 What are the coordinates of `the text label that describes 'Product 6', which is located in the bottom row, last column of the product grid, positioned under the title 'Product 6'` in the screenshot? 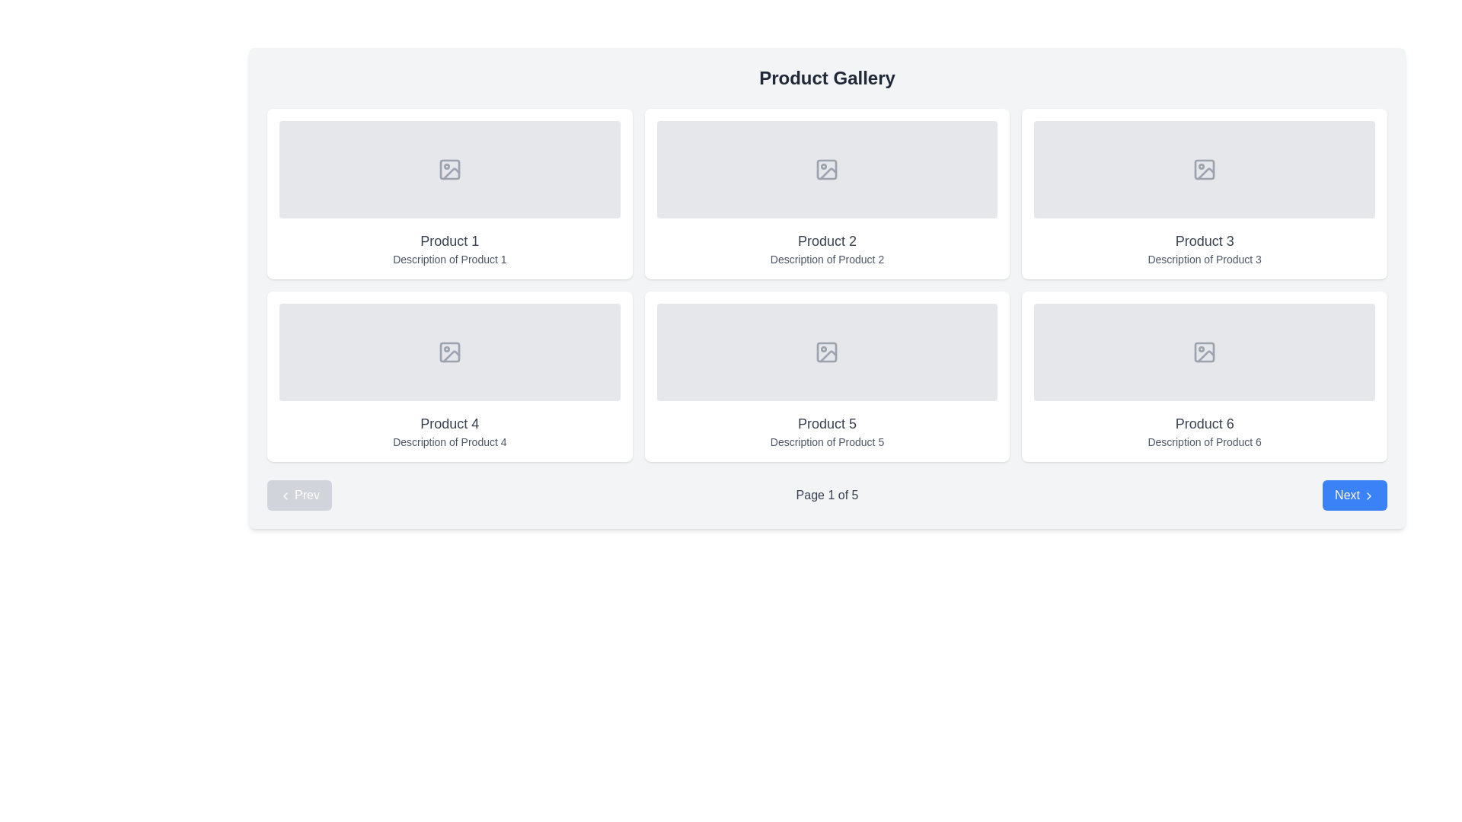 It's located at (1204, 442).